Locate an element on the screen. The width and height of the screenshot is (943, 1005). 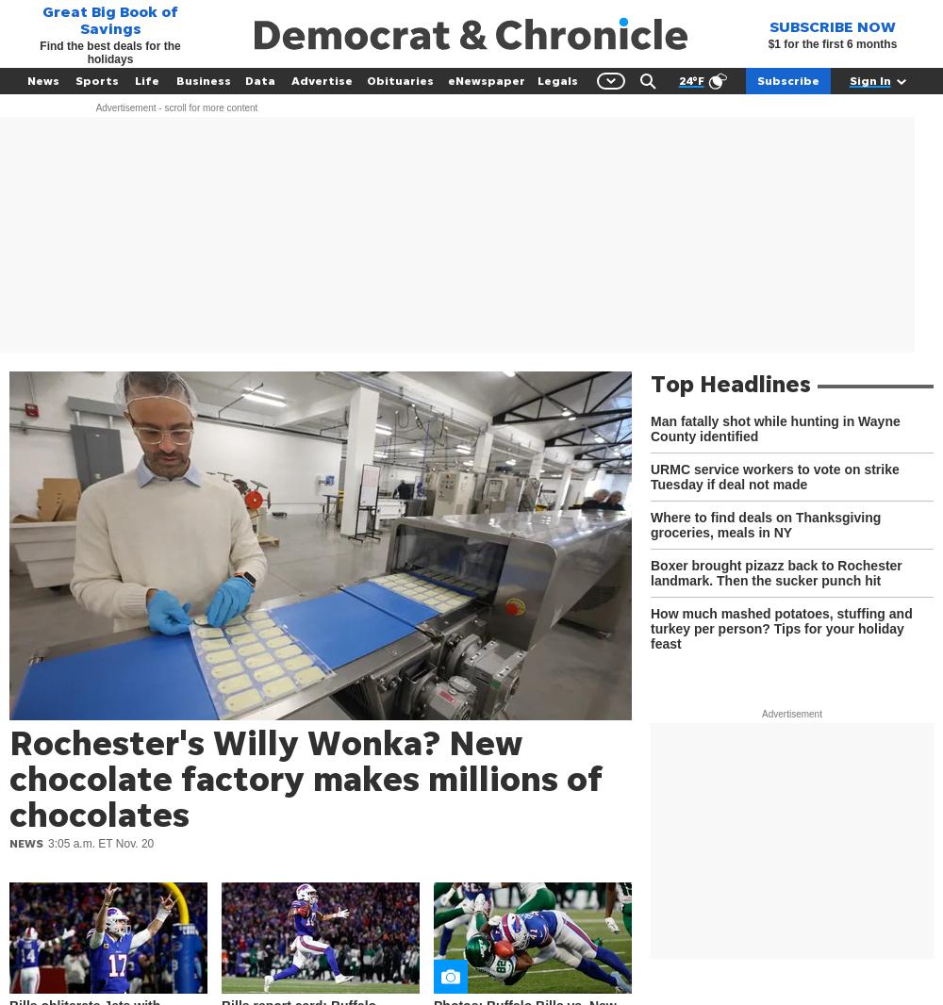
'Business' is located at coordinates (202, 79).